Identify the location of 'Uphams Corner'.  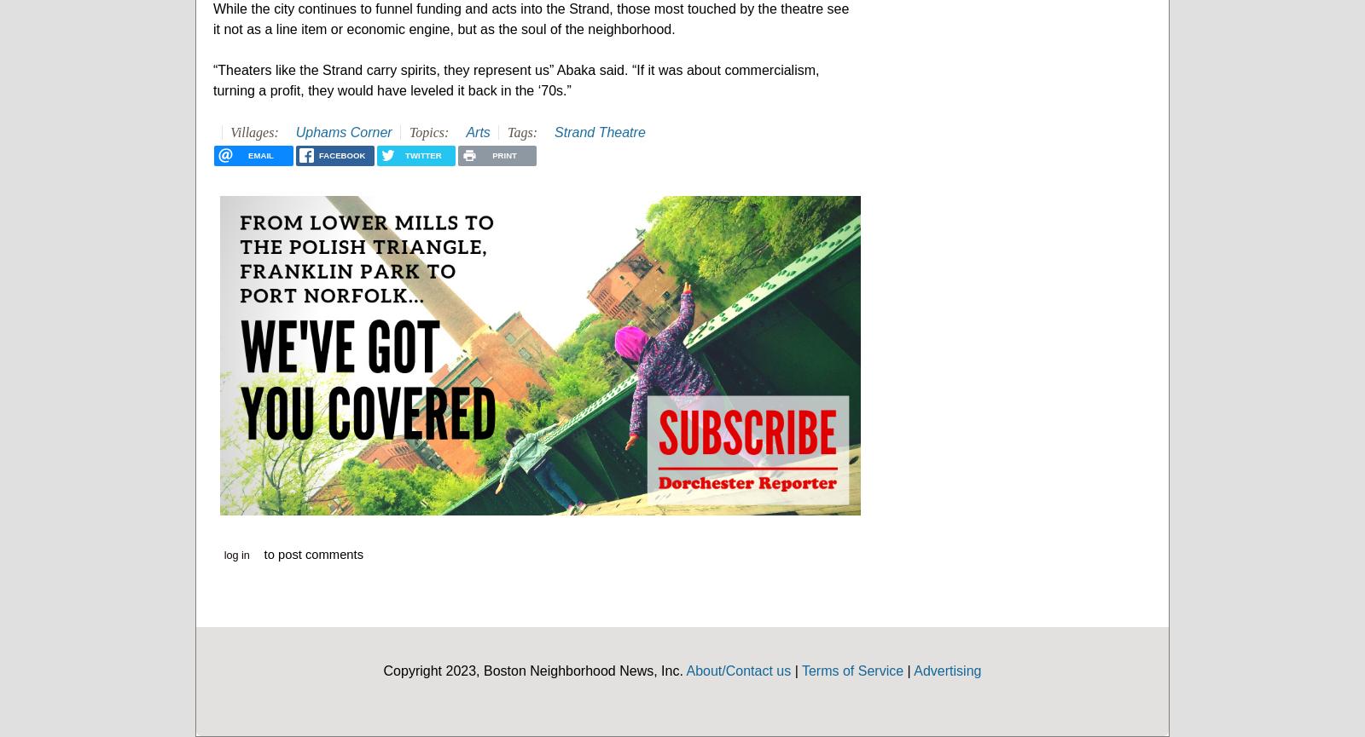
(342, 130).